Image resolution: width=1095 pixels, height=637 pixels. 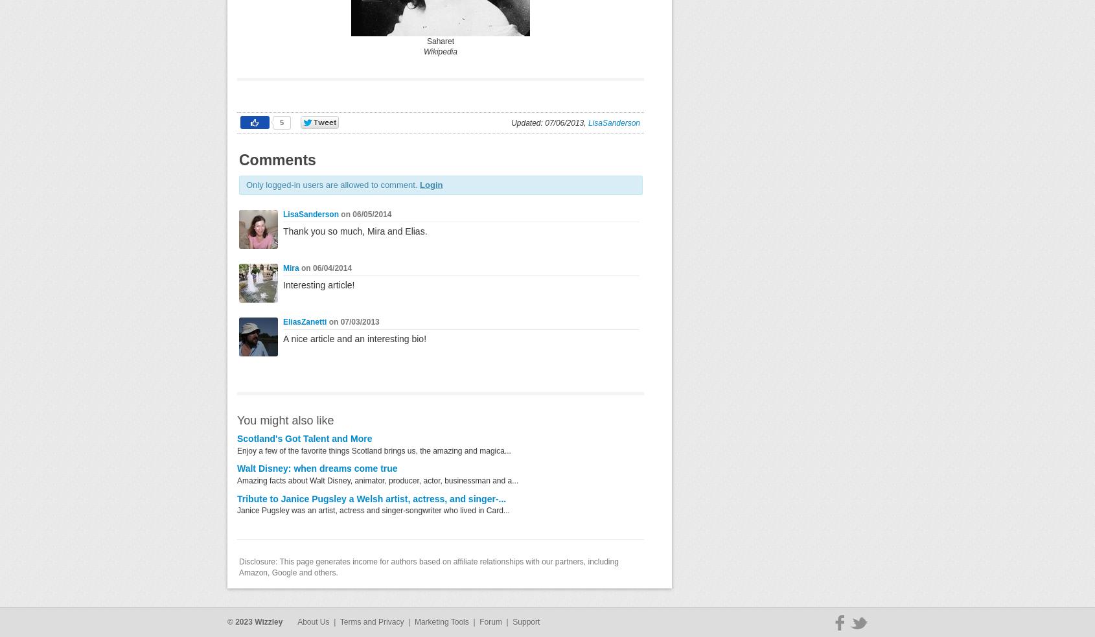 What do you see at coordinates (236, 437) in the screenshot?
I see `'Scotland's Got Talent and More'` at bounding box center [236, 437].